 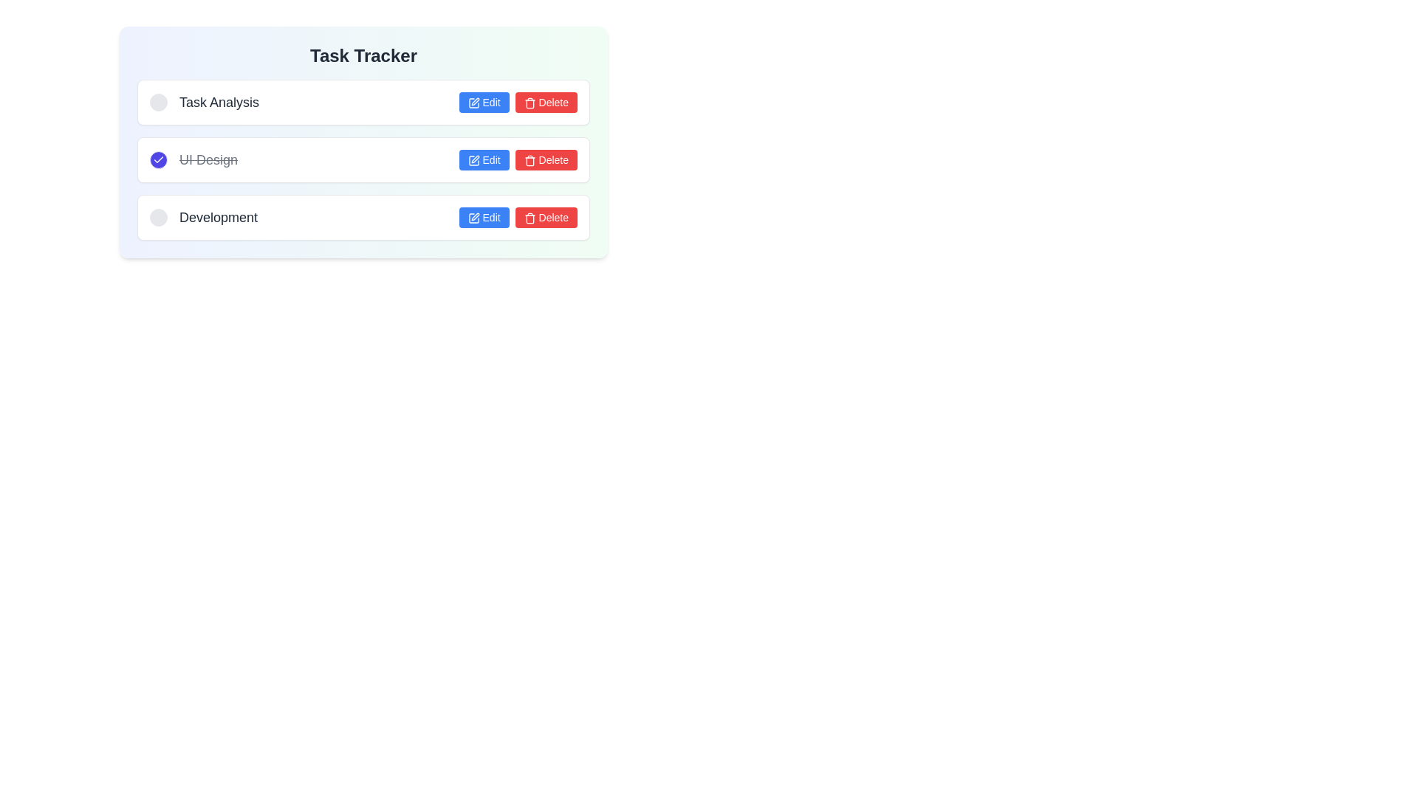 I want to click on text label for the task 'Development', which is located at the center of the last task in a vertically stacked list of tasks, so click(x=218, y=217).